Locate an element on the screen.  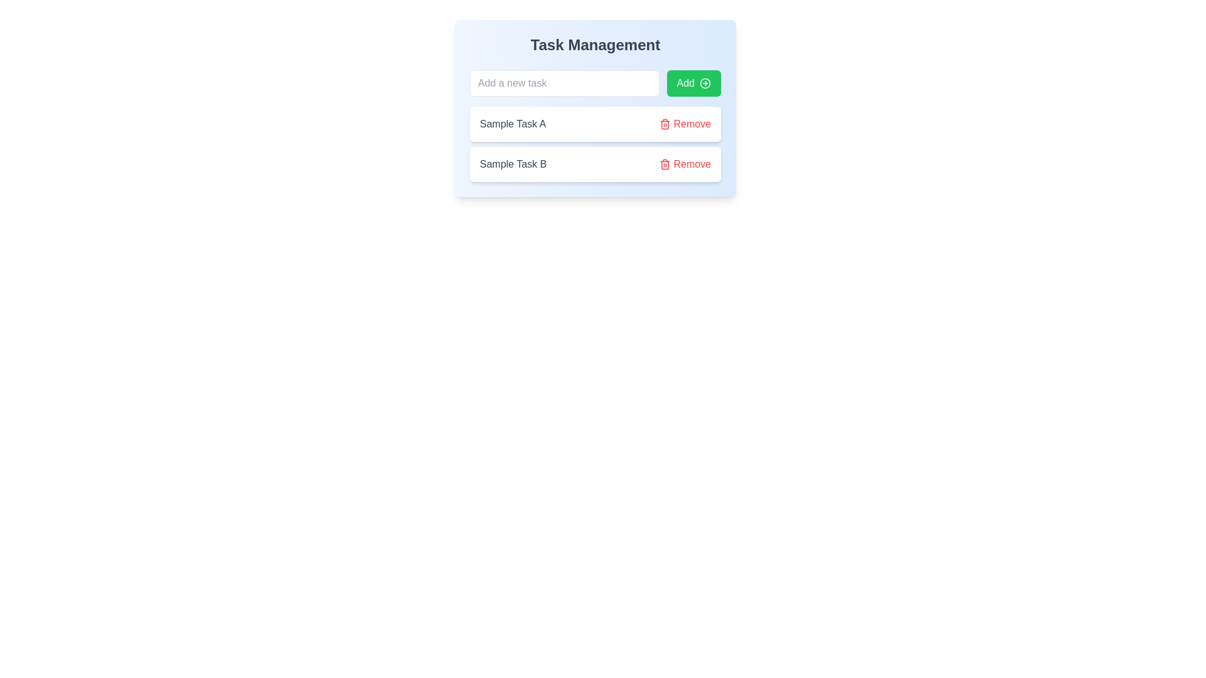
the deletion icon in the 'Remove' control for 'Sample Task A', located on the far right of the second row in the task management list to get visual feedback is located at coordinates (665, 124).